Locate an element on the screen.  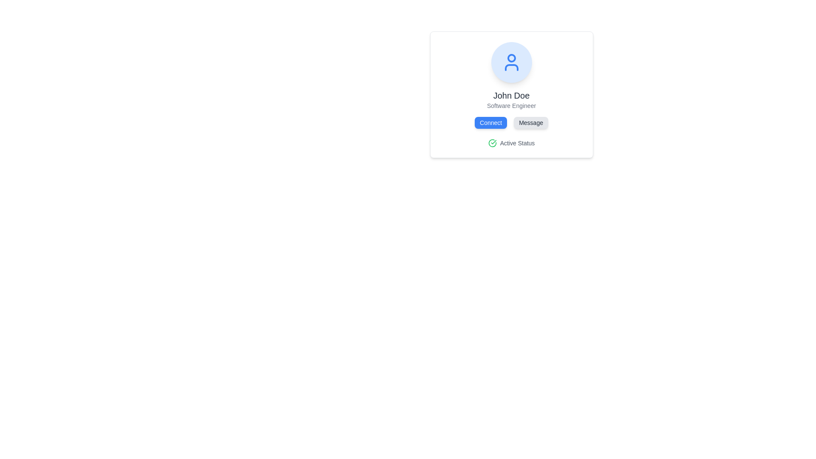
the visual status indicator icon located to the immediate left of the text 'Active Status' is located at coordinates (492, 142).